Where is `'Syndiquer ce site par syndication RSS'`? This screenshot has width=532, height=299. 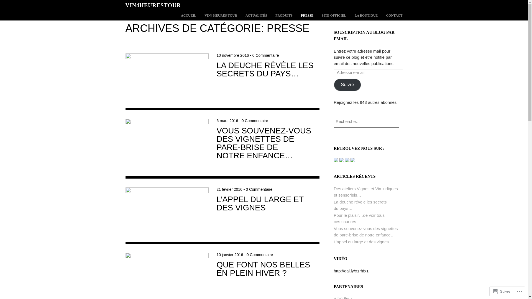
'Syndiquer ce site par syndication RSS' is located at coordinates (347, 161).